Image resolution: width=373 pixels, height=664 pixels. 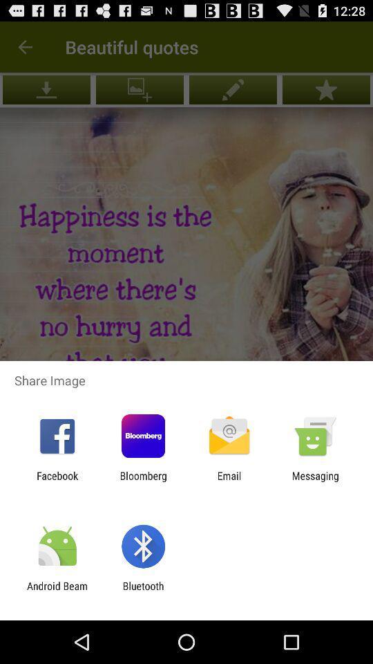 What do you see at coordinates (229, 481) in the screenshot?
I see `the item next to messaging` at bounding box center [229, 481].